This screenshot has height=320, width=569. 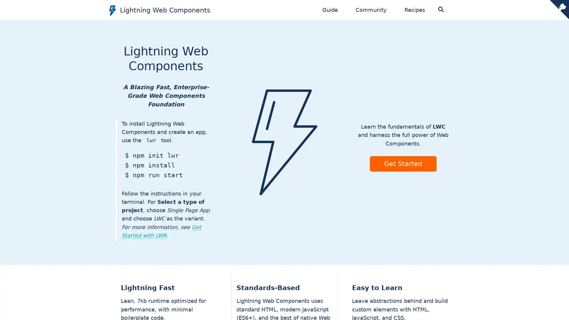 I want to click on Get Started, so click(x=403, y=163).